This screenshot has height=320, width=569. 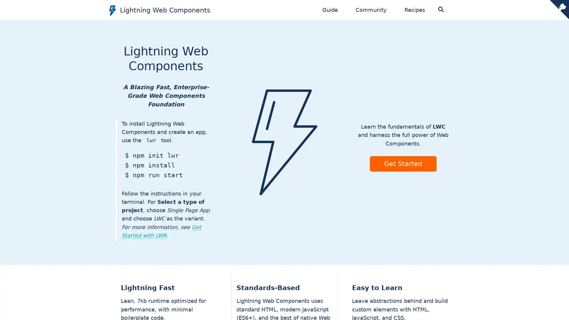 I want to click on Get Started, so click(x=403, y=163).